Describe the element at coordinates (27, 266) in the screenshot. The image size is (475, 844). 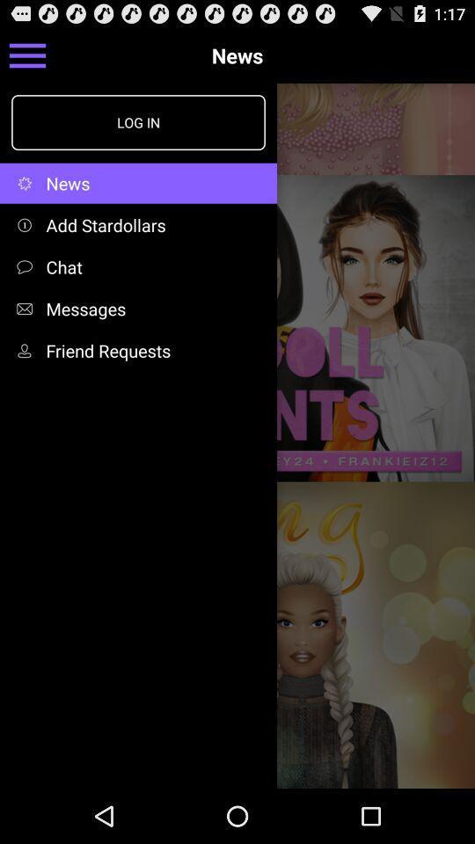
I see `icon left to chat` at that location.